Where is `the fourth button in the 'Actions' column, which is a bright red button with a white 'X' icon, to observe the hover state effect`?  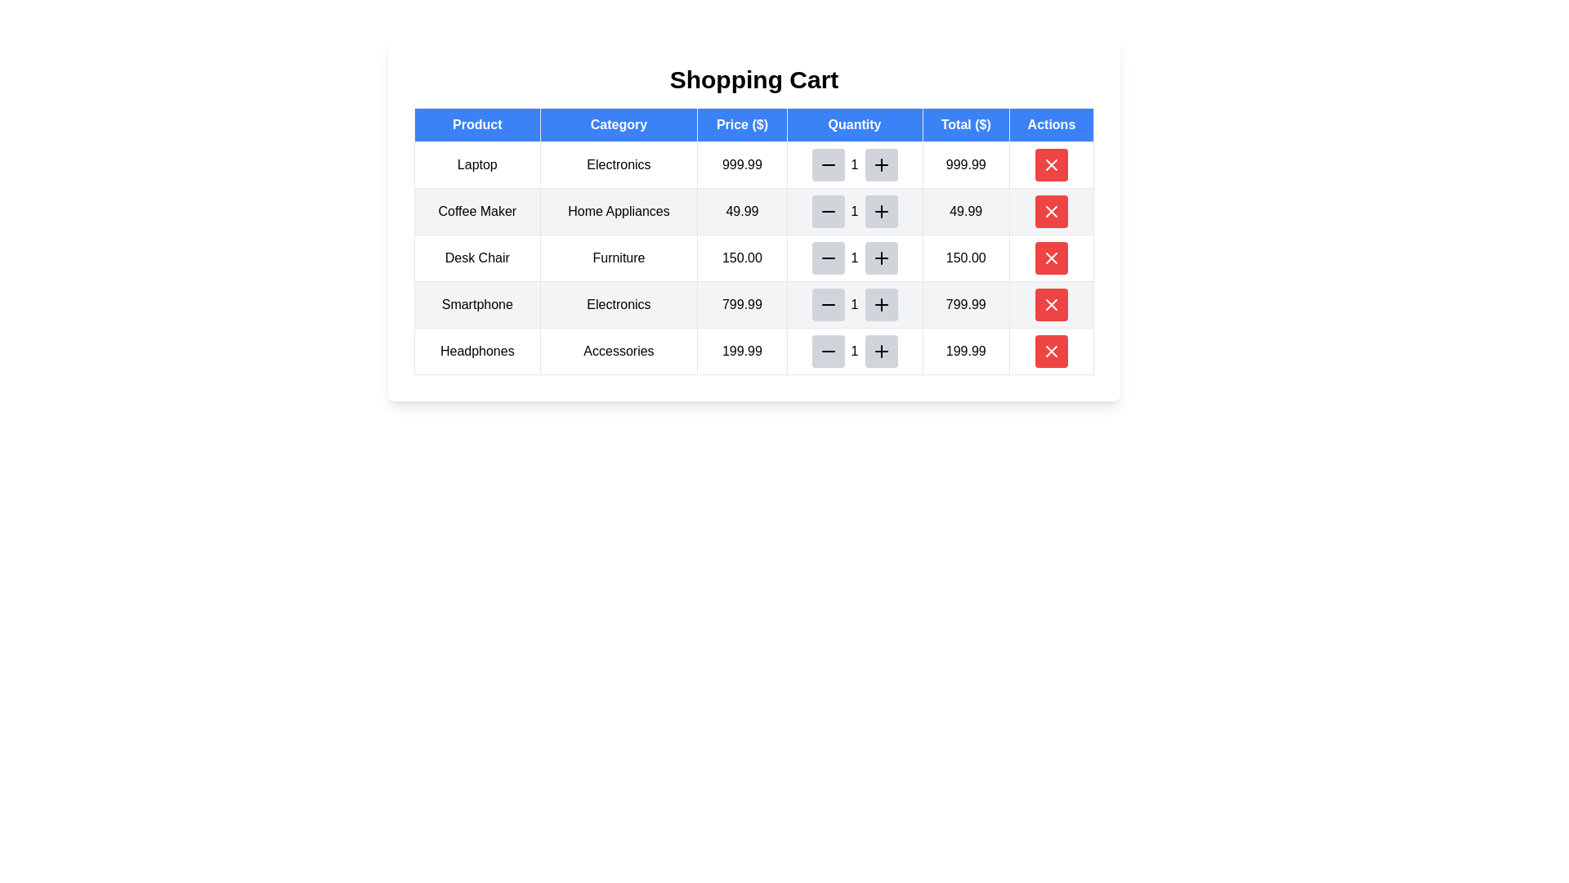
the fourth button in the 'Actions' column, which is a bright red button with a white 'X' icon, to observe the hover state effect is located at coordinates (1051, 258).